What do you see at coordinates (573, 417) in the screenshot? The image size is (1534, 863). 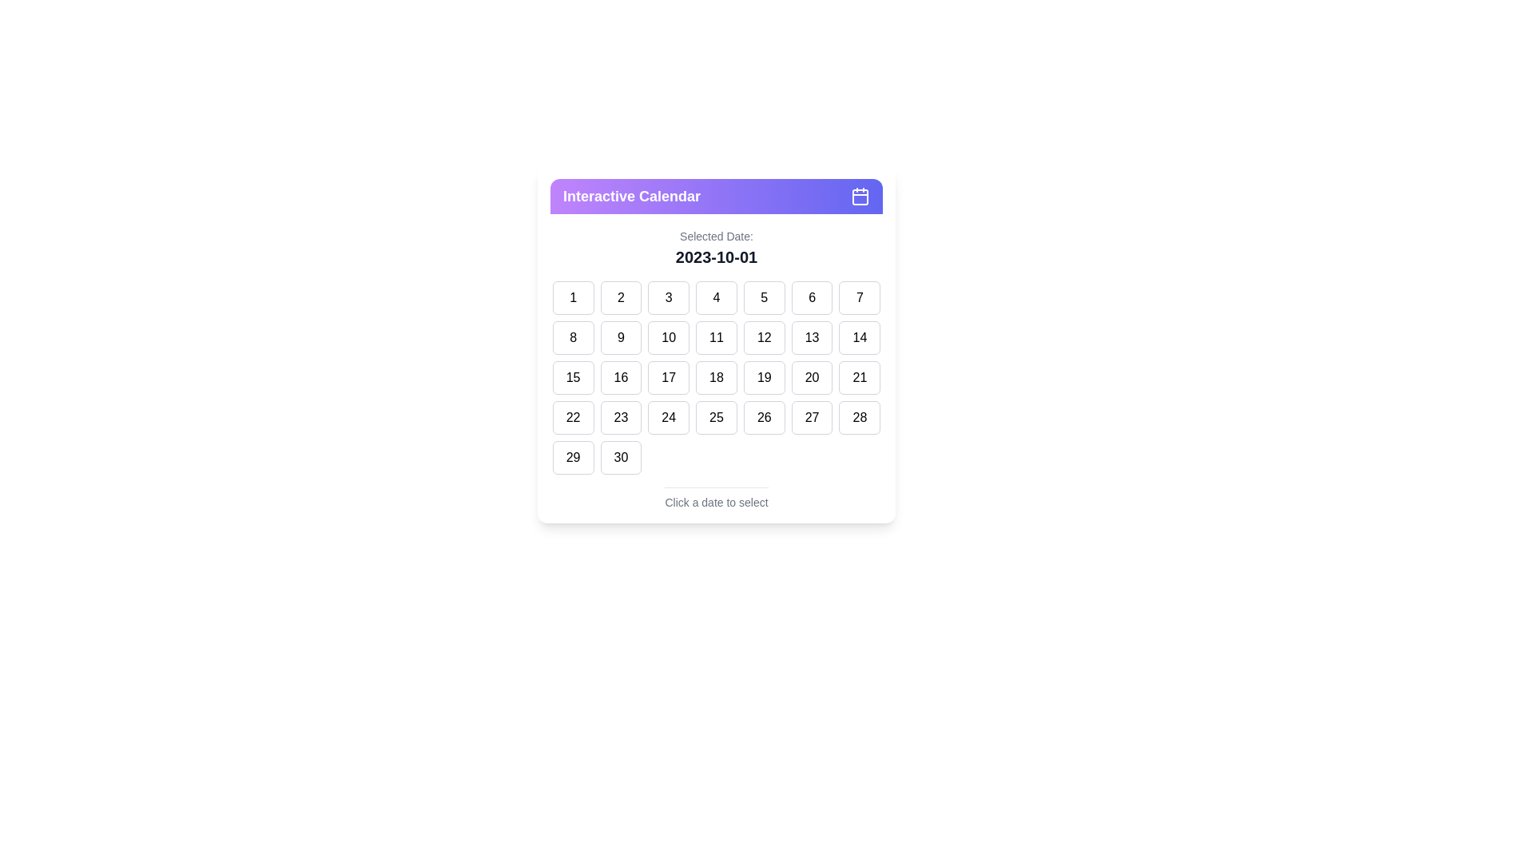 I see `the button displaying the text '22'` at bounding box center [573, 417].